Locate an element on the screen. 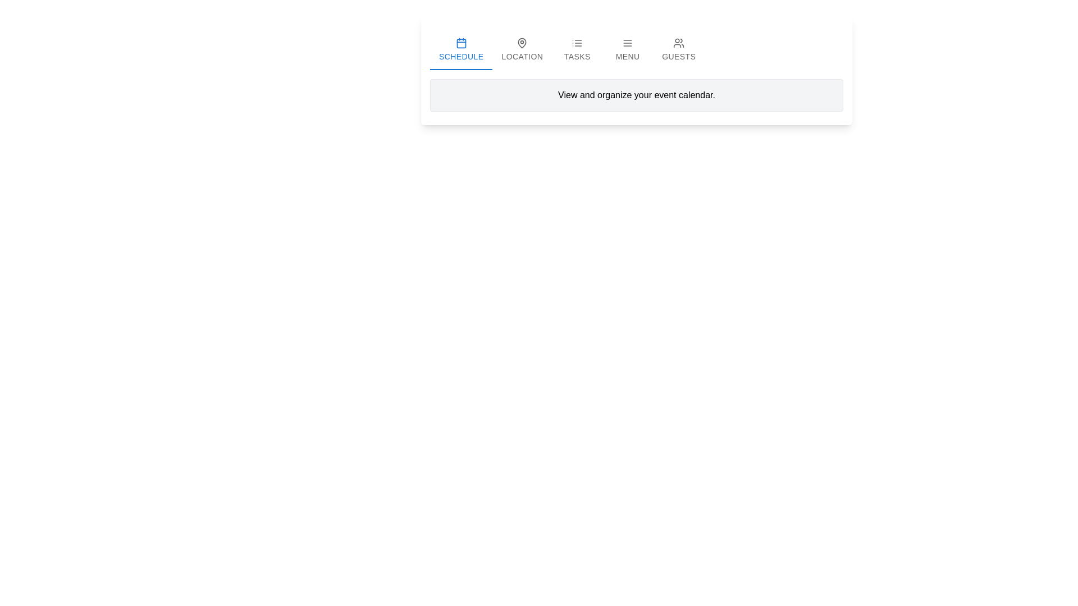 The image size is (1078, 606). the calendar icon located in the first navigation button labeled 'SCHEDULE' is located at coordinates (461, 43).